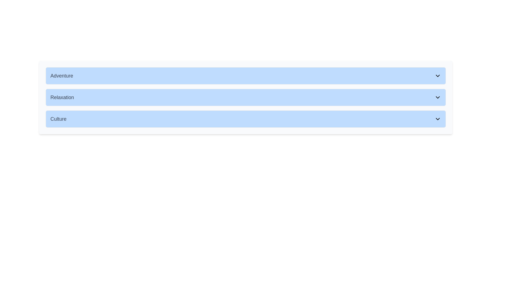 Image resolution: width=532 pixels, height=299 pixels. Describe the element at coordinates (437, 118) in the screenshot. I see `the downward chevron-style Dropdown Indicator Icon located on the right end of the 'Culture' section` at that location.